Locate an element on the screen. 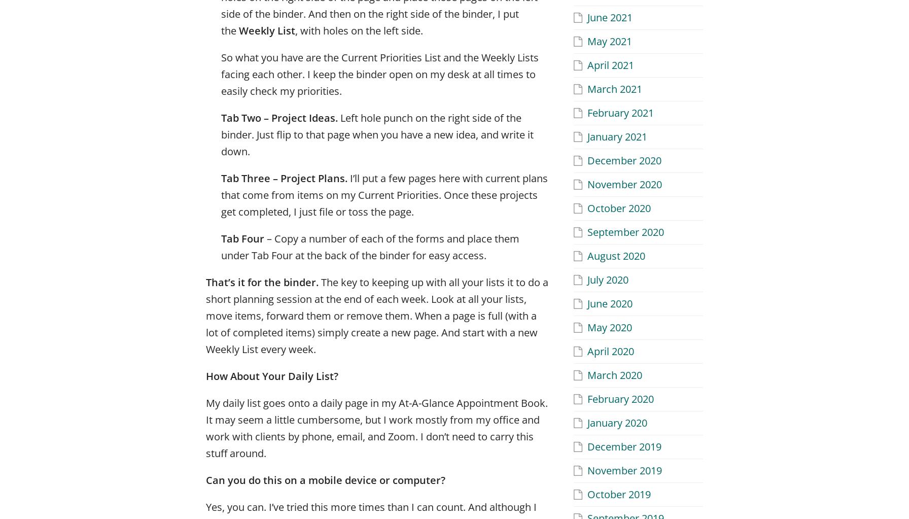 The width and height of the screenshot is (909, 519). 'The key to keeping up with all your lists it to do a short planning session at the end of each week. Look at all your lists, move items, forward them or remove them. When a page is full (with a lot of completed items) simply create a new page. And start with a new Weekly List every week.' is located at coordinates (206, 315).